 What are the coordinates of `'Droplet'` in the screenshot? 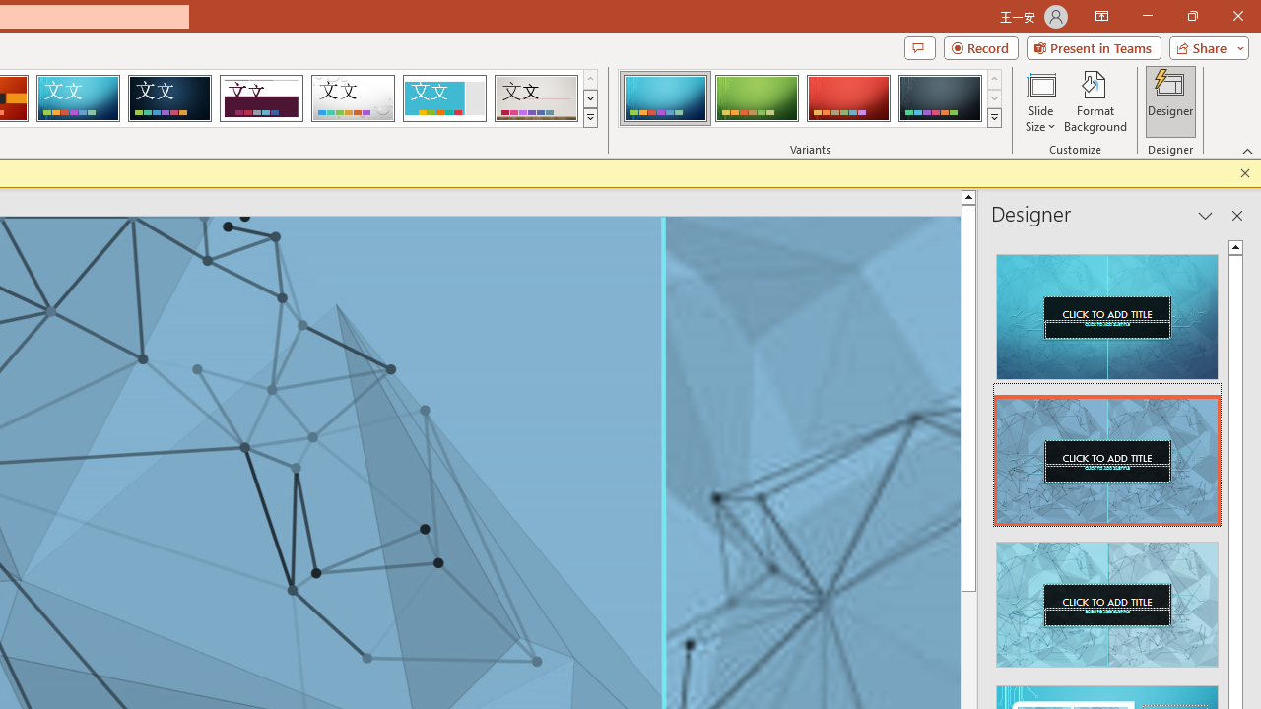 It's located at (353, 98).